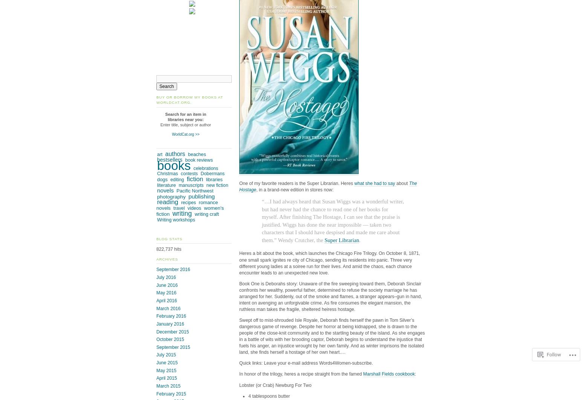  What do you see at coordinates (188, 203) in the screenshot?
I see `'recipes'` at bounding box center [188, 203].